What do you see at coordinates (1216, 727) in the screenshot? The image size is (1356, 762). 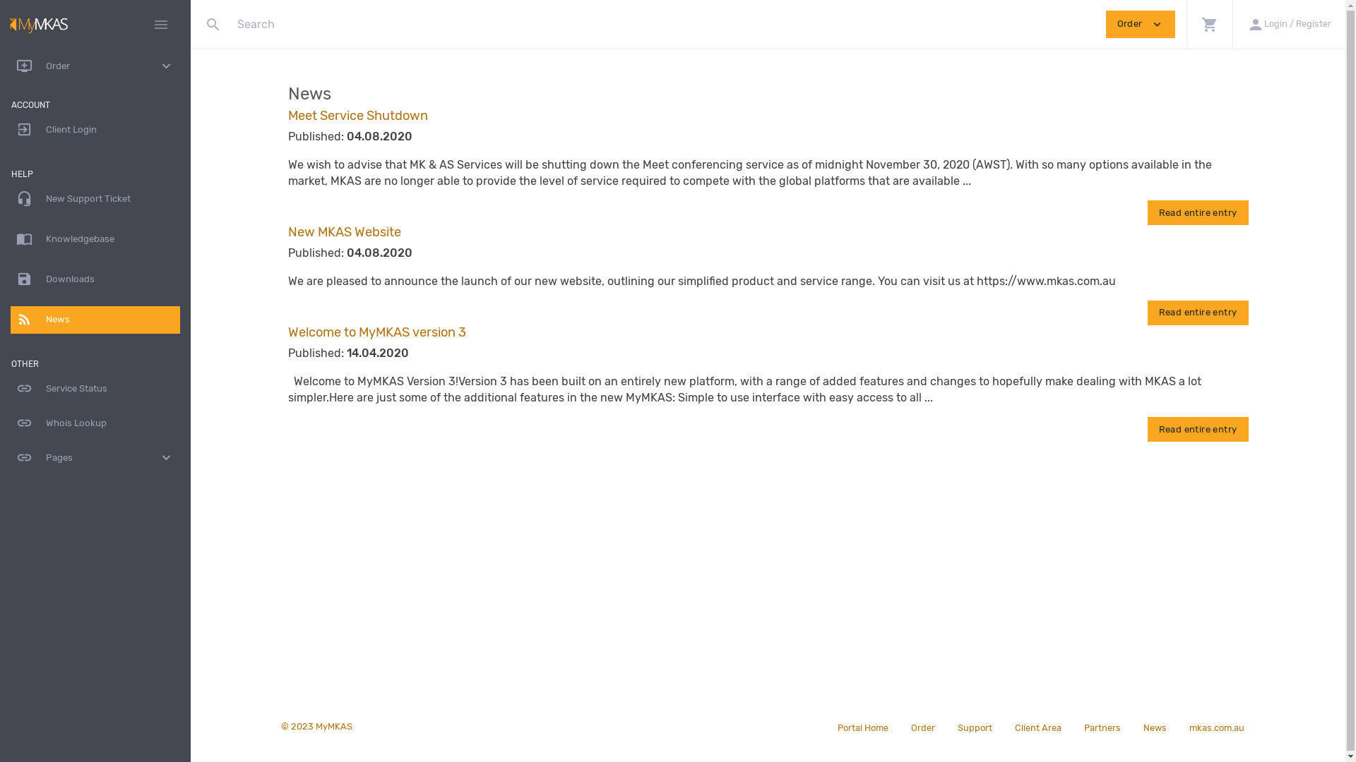 I see `'mkas.com.au'` at bounding box center [1216, 727].